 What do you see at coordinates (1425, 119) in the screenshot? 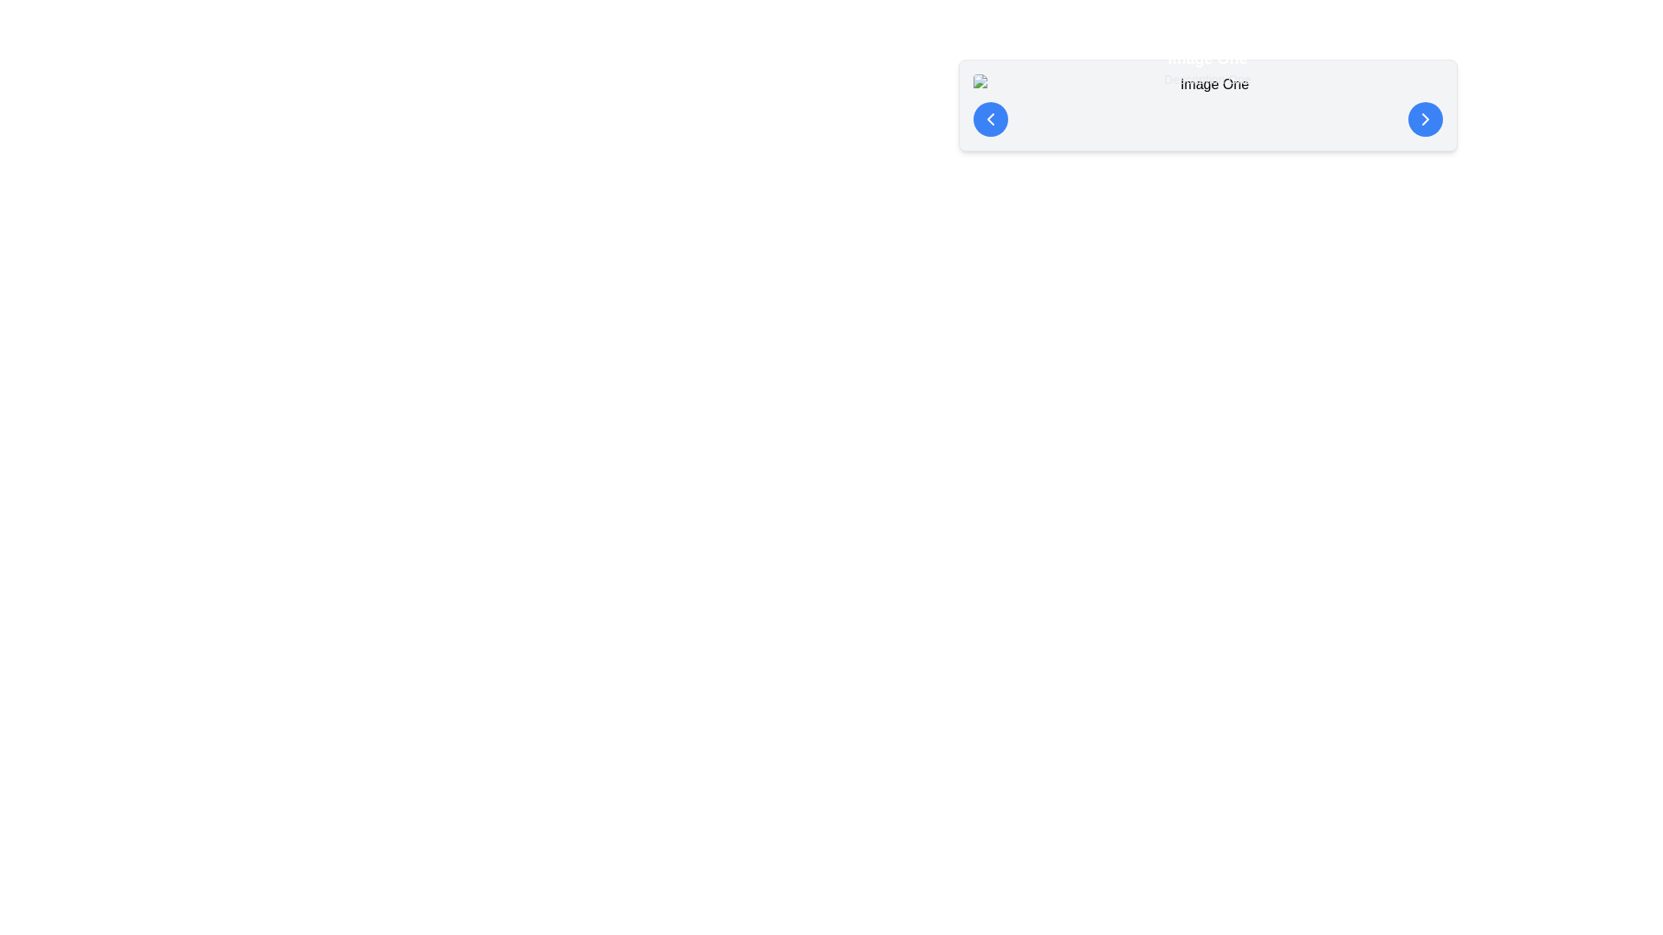
I see `the chevron icon located centrally within a rounded blue button on the far right of a horizontal card component` at bounding box center [1425, 119].